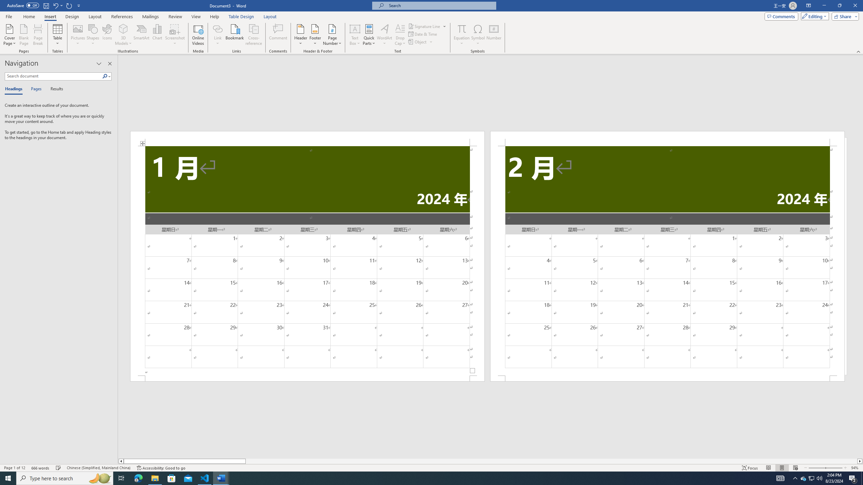  I want to click on 'Restore Down', so click(839, 5).